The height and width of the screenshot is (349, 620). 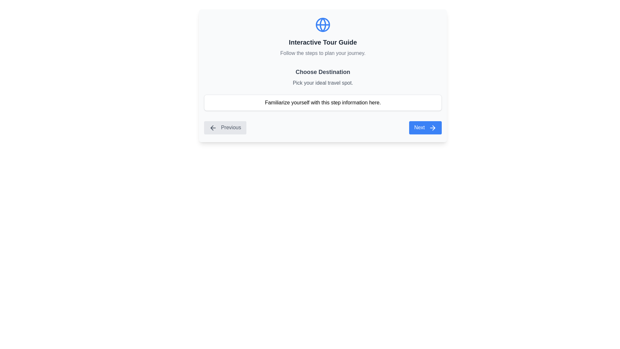 I want to click on the section using the 'Interactive Tour Guide' text block and its globe icon as a reference, so click(x=323, y=37).